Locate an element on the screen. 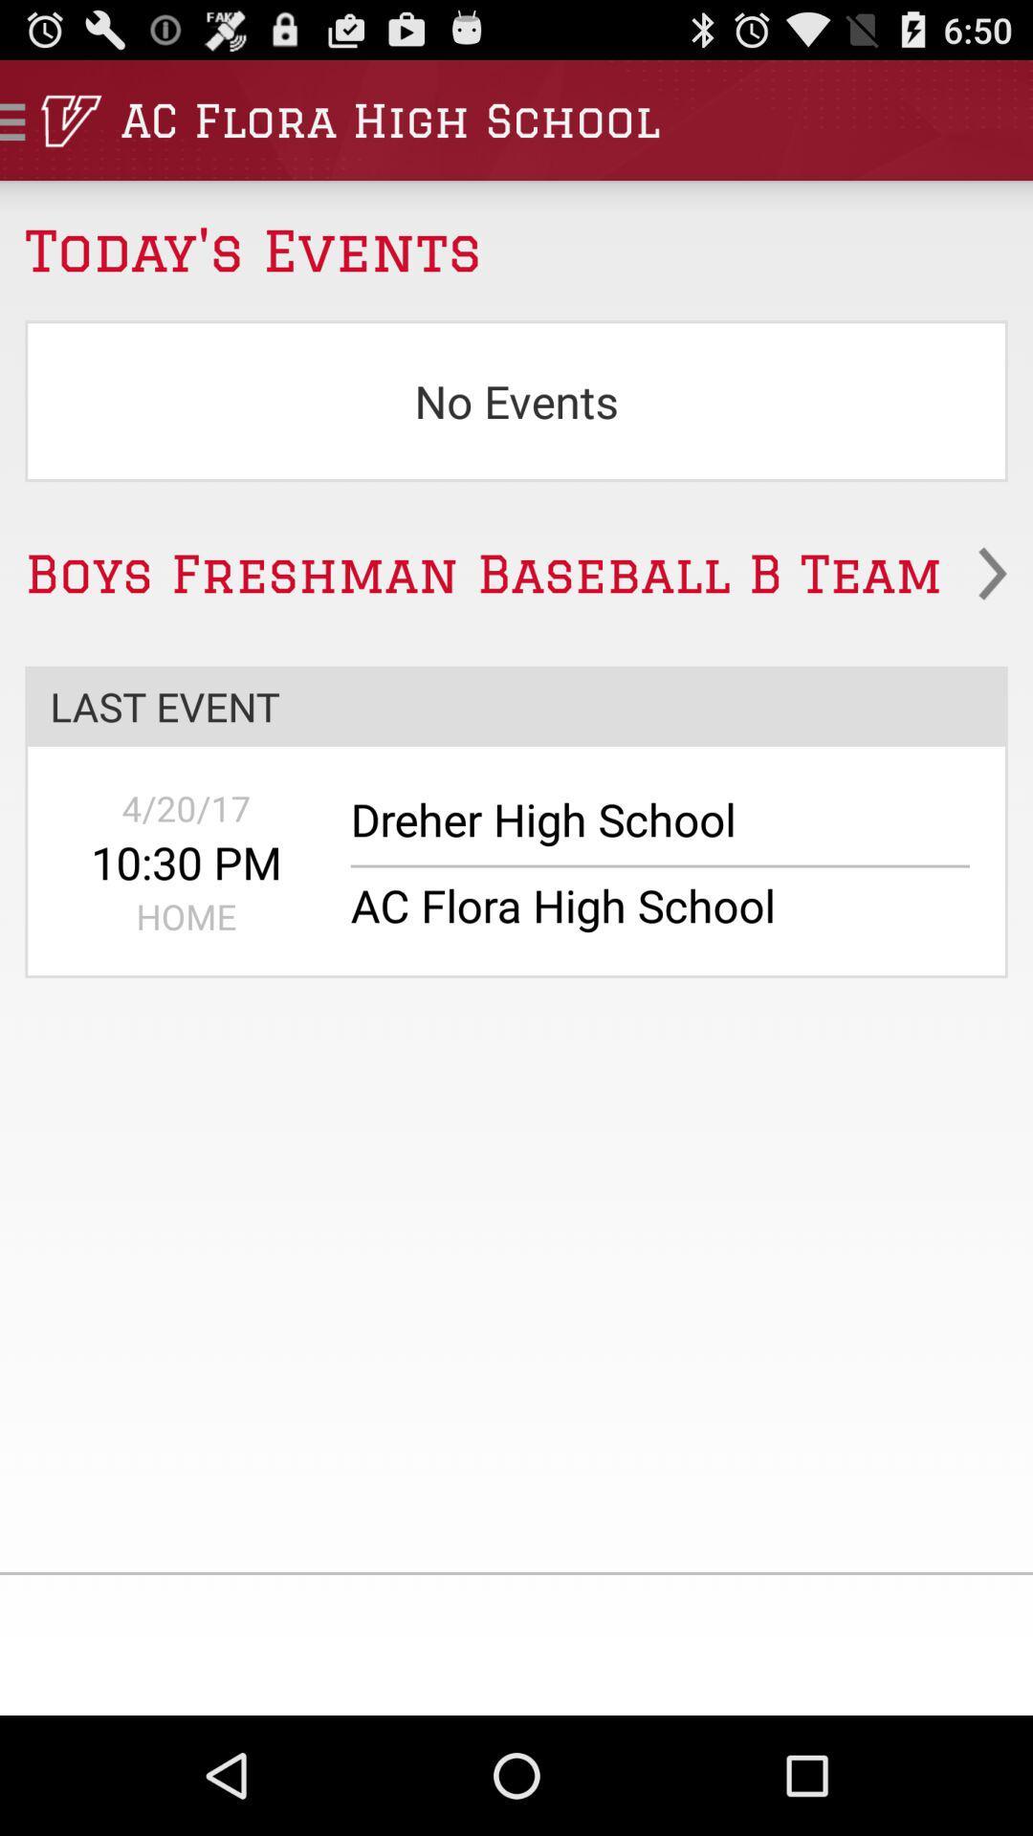  today's events item is located at coordinates (516, 237).